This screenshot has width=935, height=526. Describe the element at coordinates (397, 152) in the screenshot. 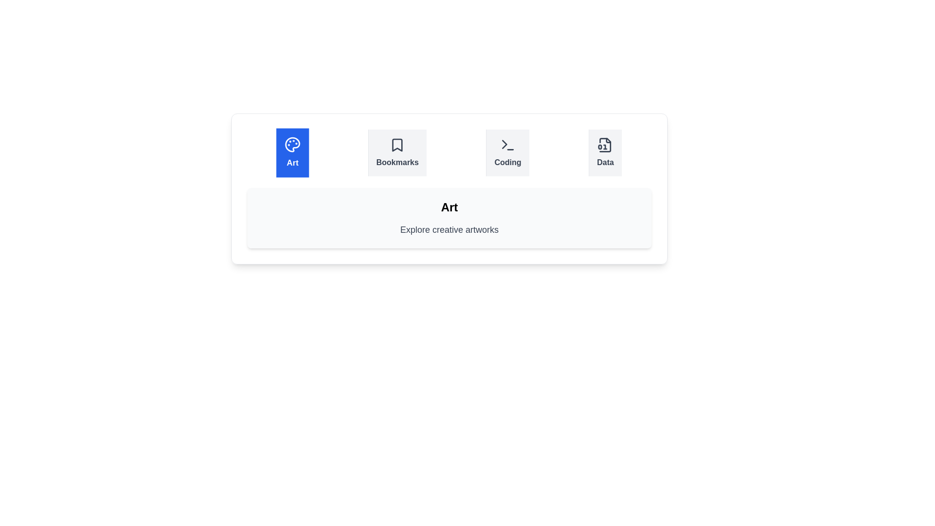

I see `the tab labeled Bookmarks` at that location.